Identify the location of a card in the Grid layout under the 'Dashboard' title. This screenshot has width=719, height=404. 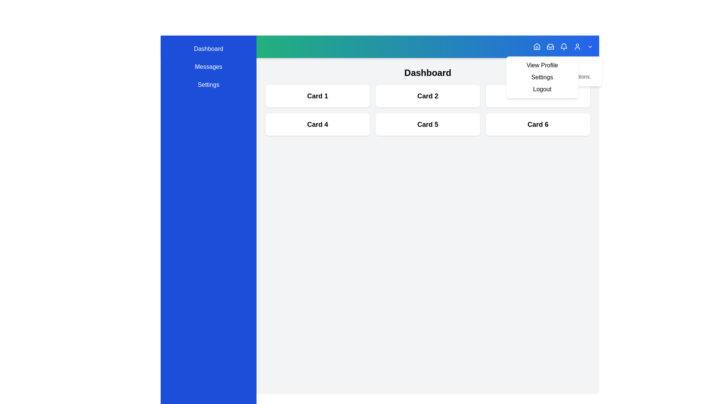
(428, 110).